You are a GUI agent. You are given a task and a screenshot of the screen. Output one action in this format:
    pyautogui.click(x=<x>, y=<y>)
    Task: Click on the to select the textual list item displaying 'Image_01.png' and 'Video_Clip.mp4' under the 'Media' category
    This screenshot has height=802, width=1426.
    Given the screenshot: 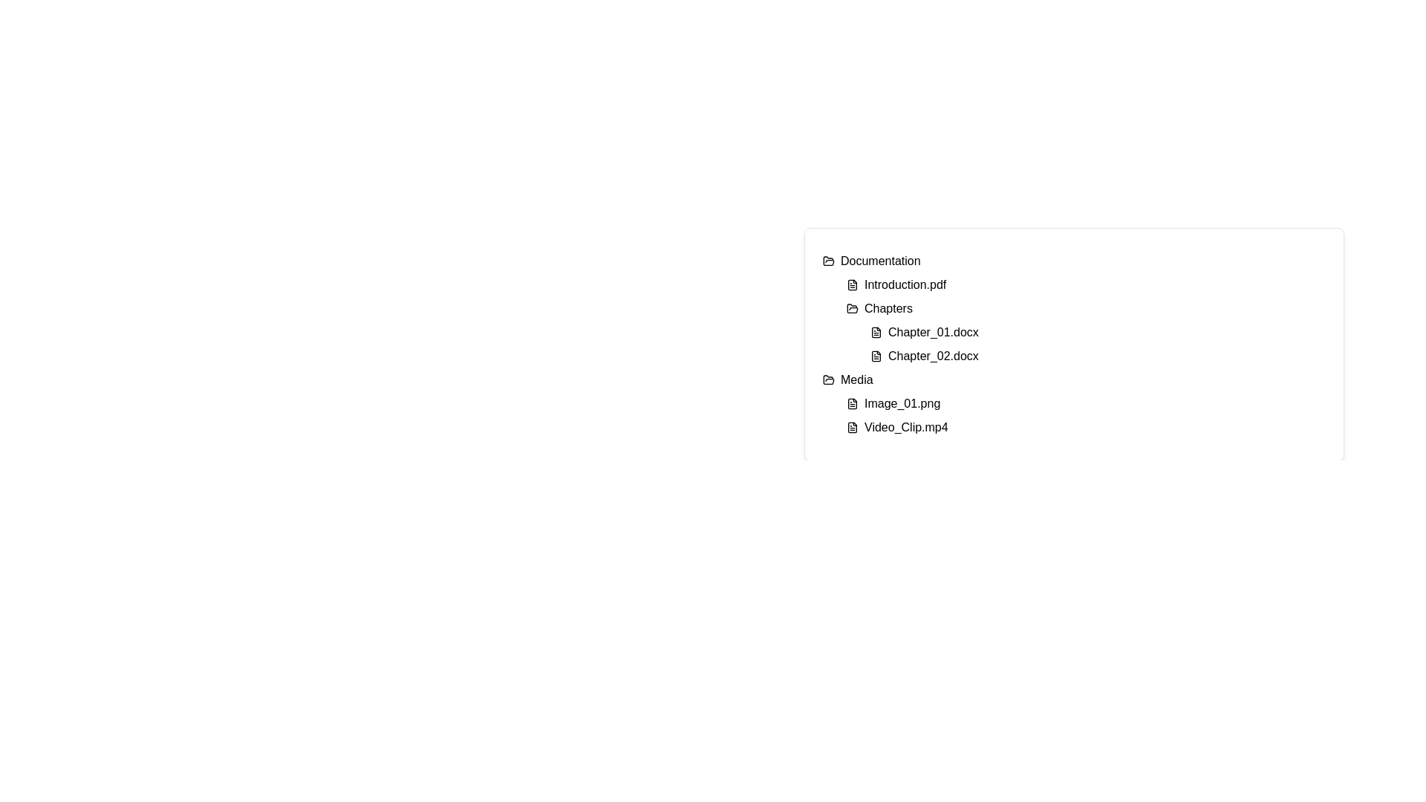 What is the action you would take?
    pyautogui.click(x=1074, y=403)
    